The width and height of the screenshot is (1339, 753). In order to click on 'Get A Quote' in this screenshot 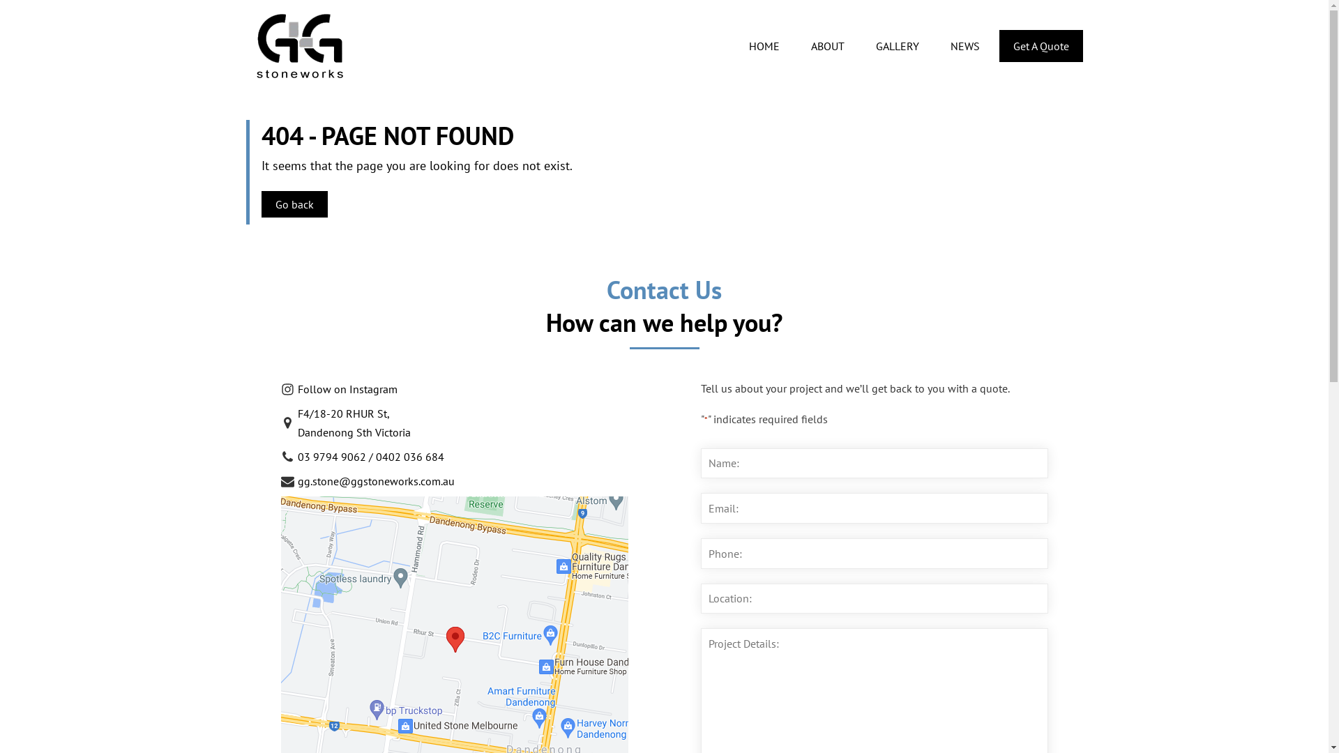, I will do `click(1041, 45)`.